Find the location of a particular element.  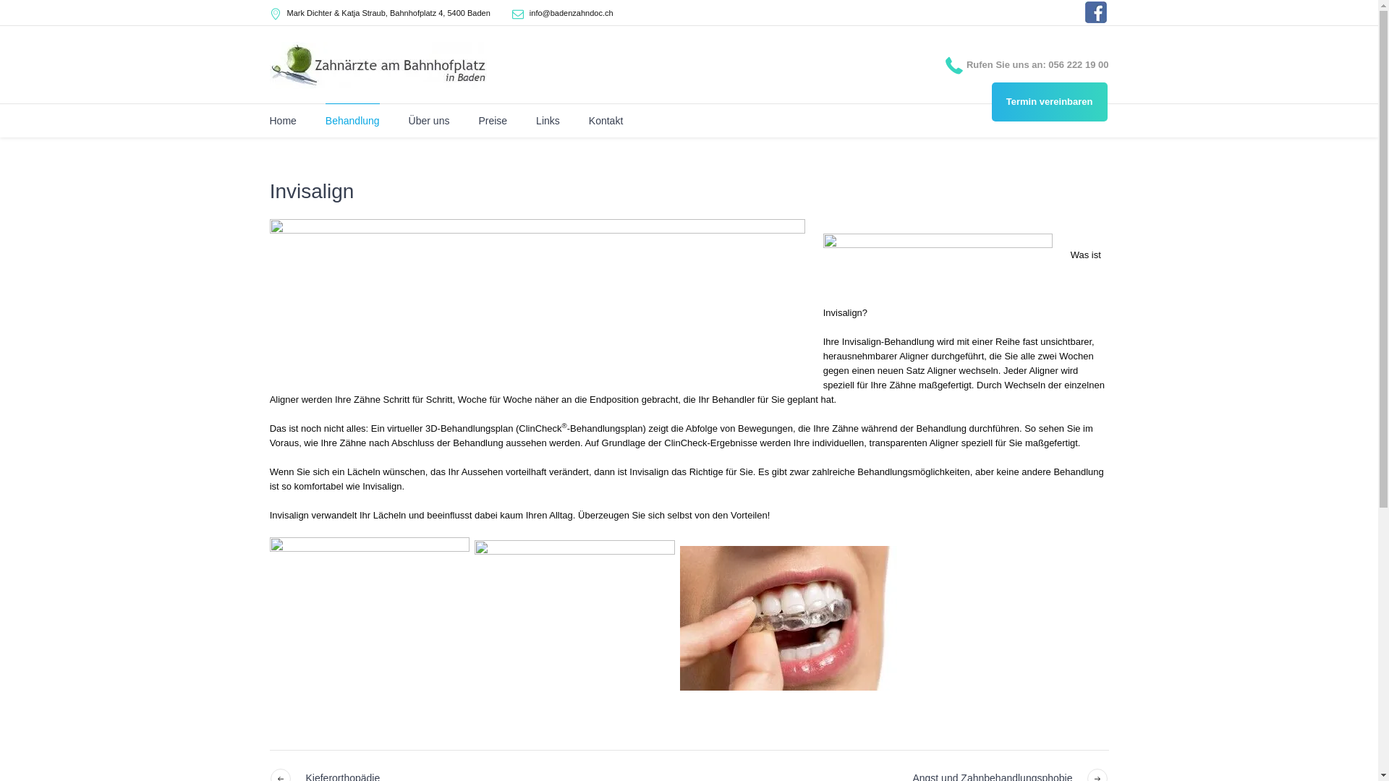

'Termin vereinbaren' is located at coordinates (1049, 101).